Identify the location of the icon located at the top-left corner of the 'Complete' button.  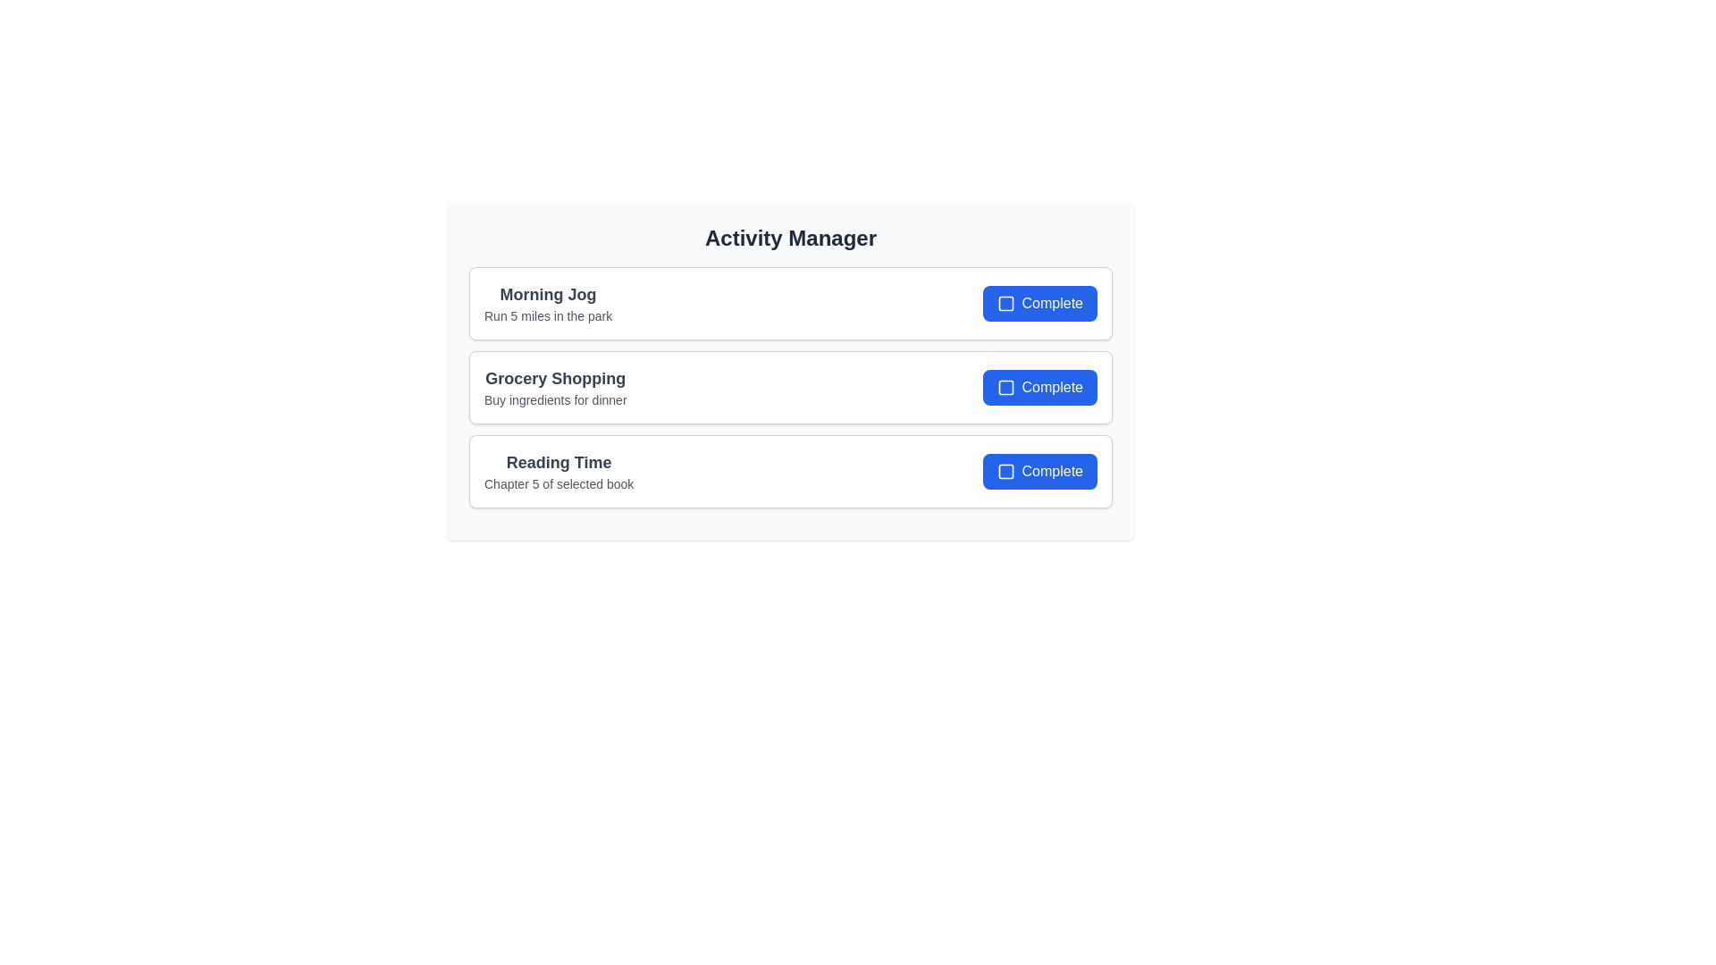
(1005, 471).